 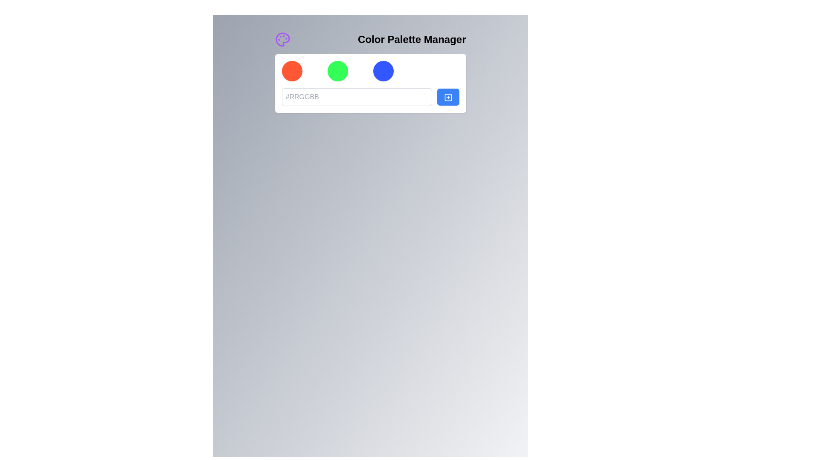 What do you see at coordinates (412, 39) in the screenshot?
I see `the large, bold static text label reading 'Color Palette Manager', which is positioned in the upper-center of the interface, serving as a title or section descriptor` at bounding box center [412, 39].